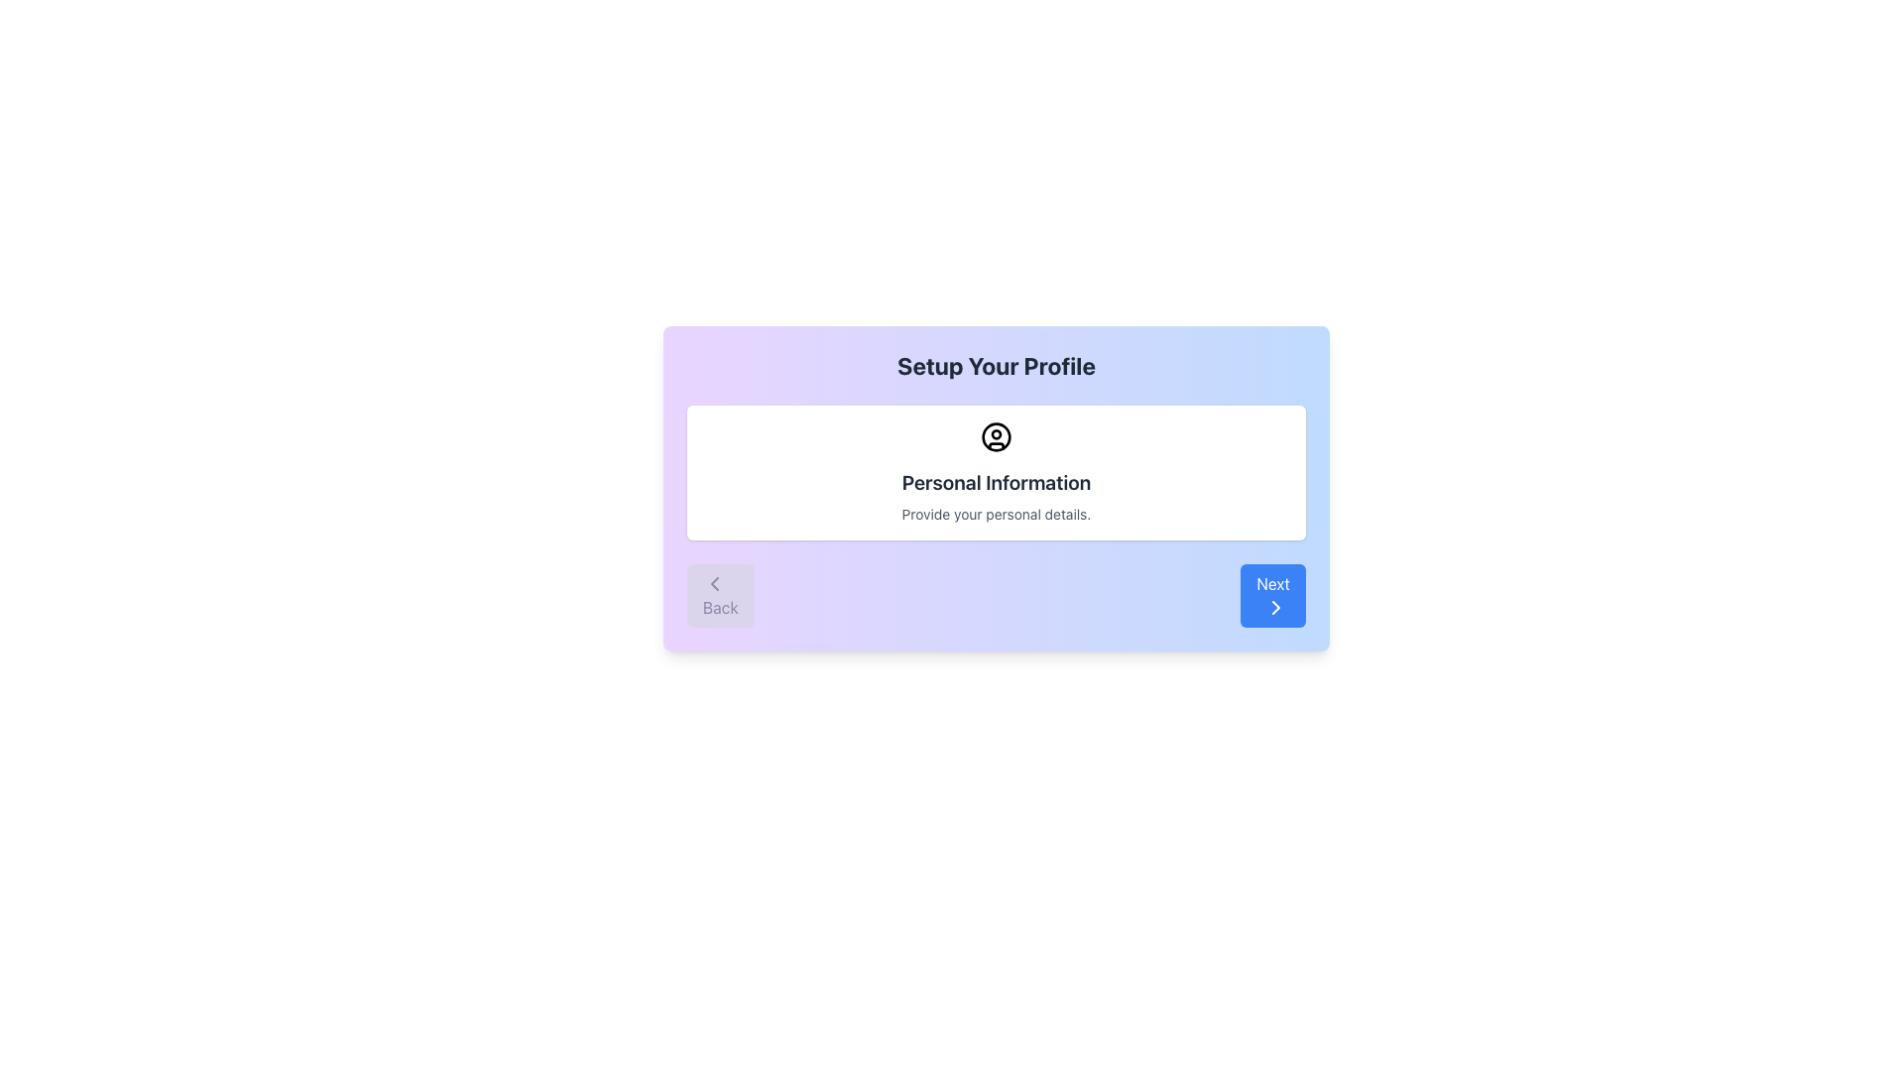  I want to click on the outer circular border of the user avatar icon in the 'Setup Your Profile' card section, so click(996, 435).